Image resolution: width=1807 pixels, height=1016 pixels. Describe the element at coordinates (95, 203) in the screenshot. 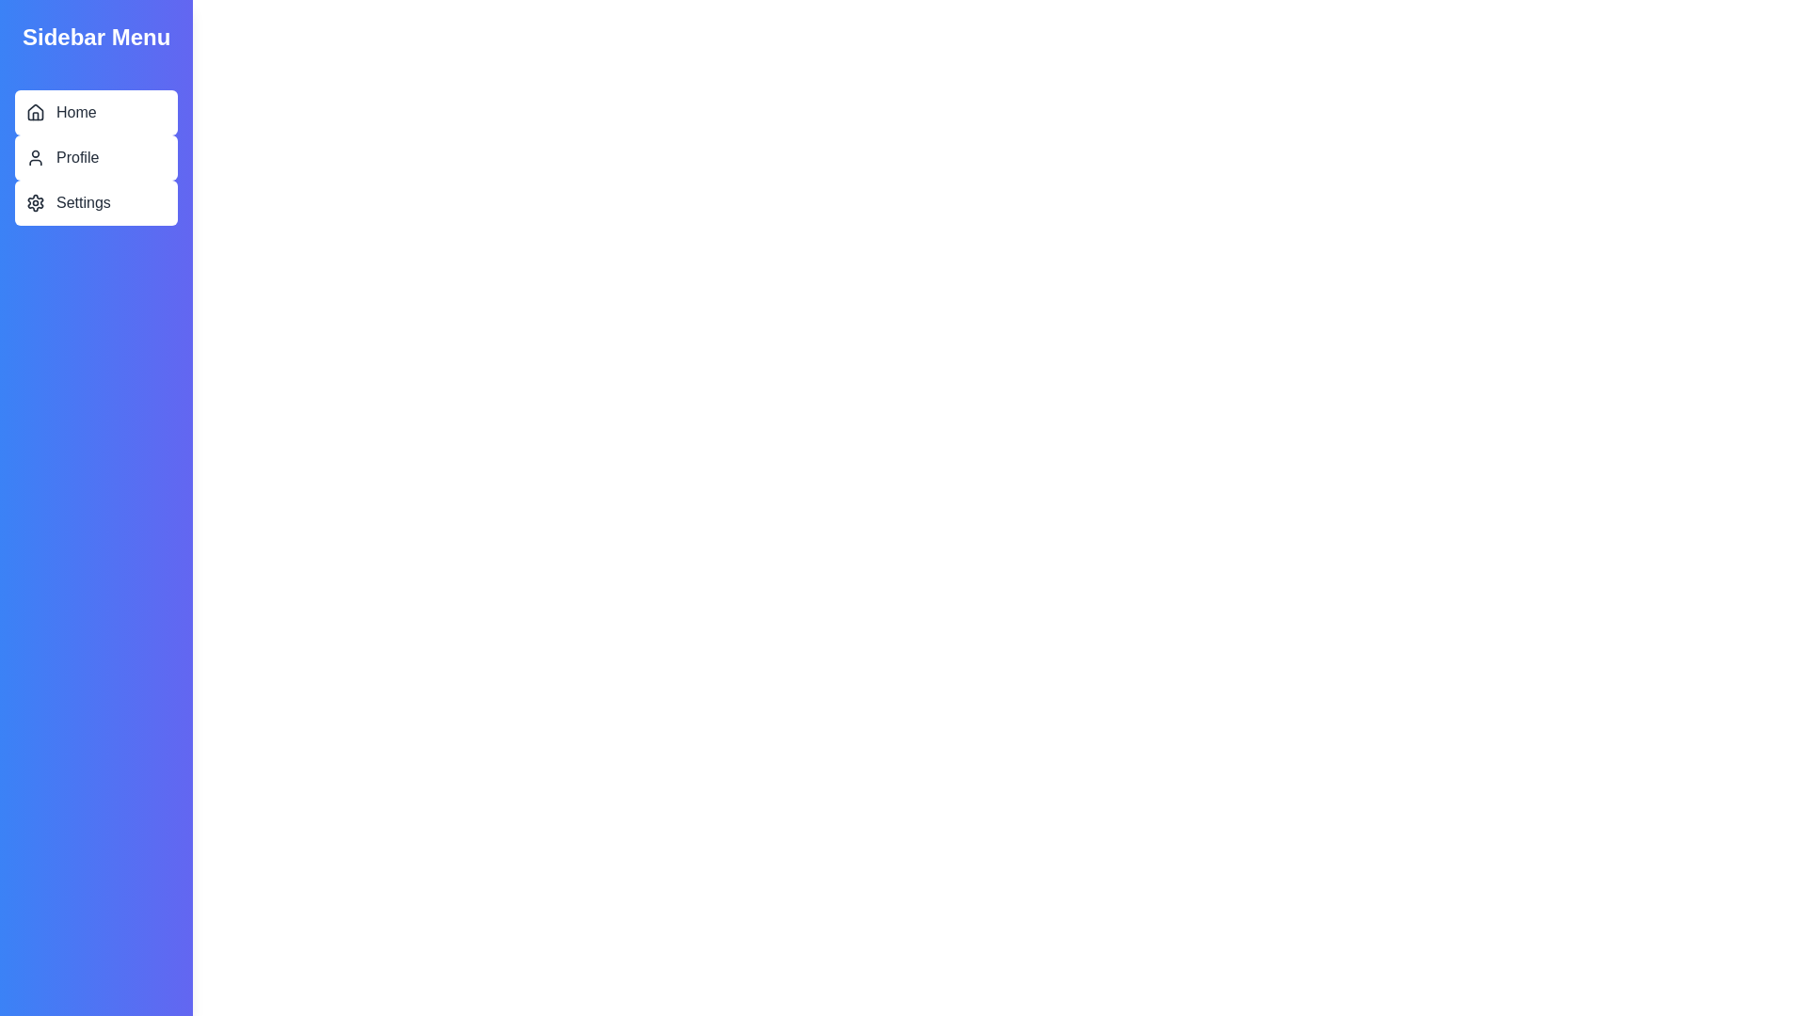

I see `the 'Settings' button with a gear icon located in the left-hand sidebar menu, positioned below the 'Profile' button` at that location.